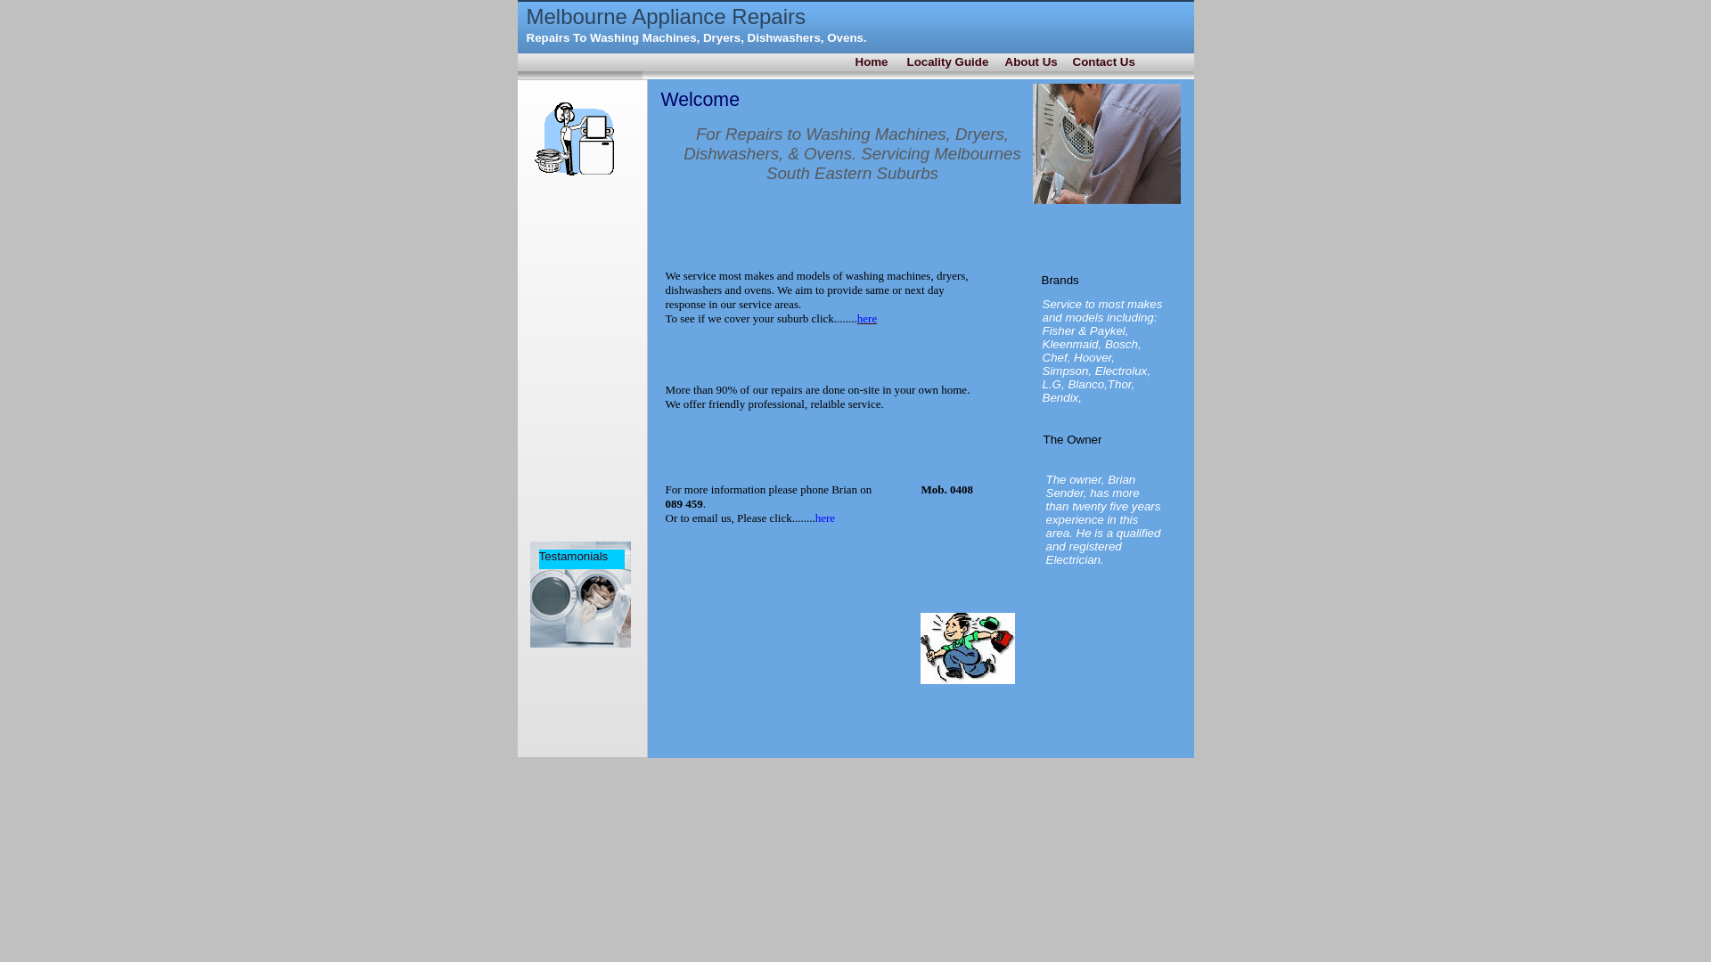 The width and height of the screenshot is (1711, 962). What do you see at coordinates (867, 317) in the screenshot?
I see `'here'` at bounding box center [867, 317].